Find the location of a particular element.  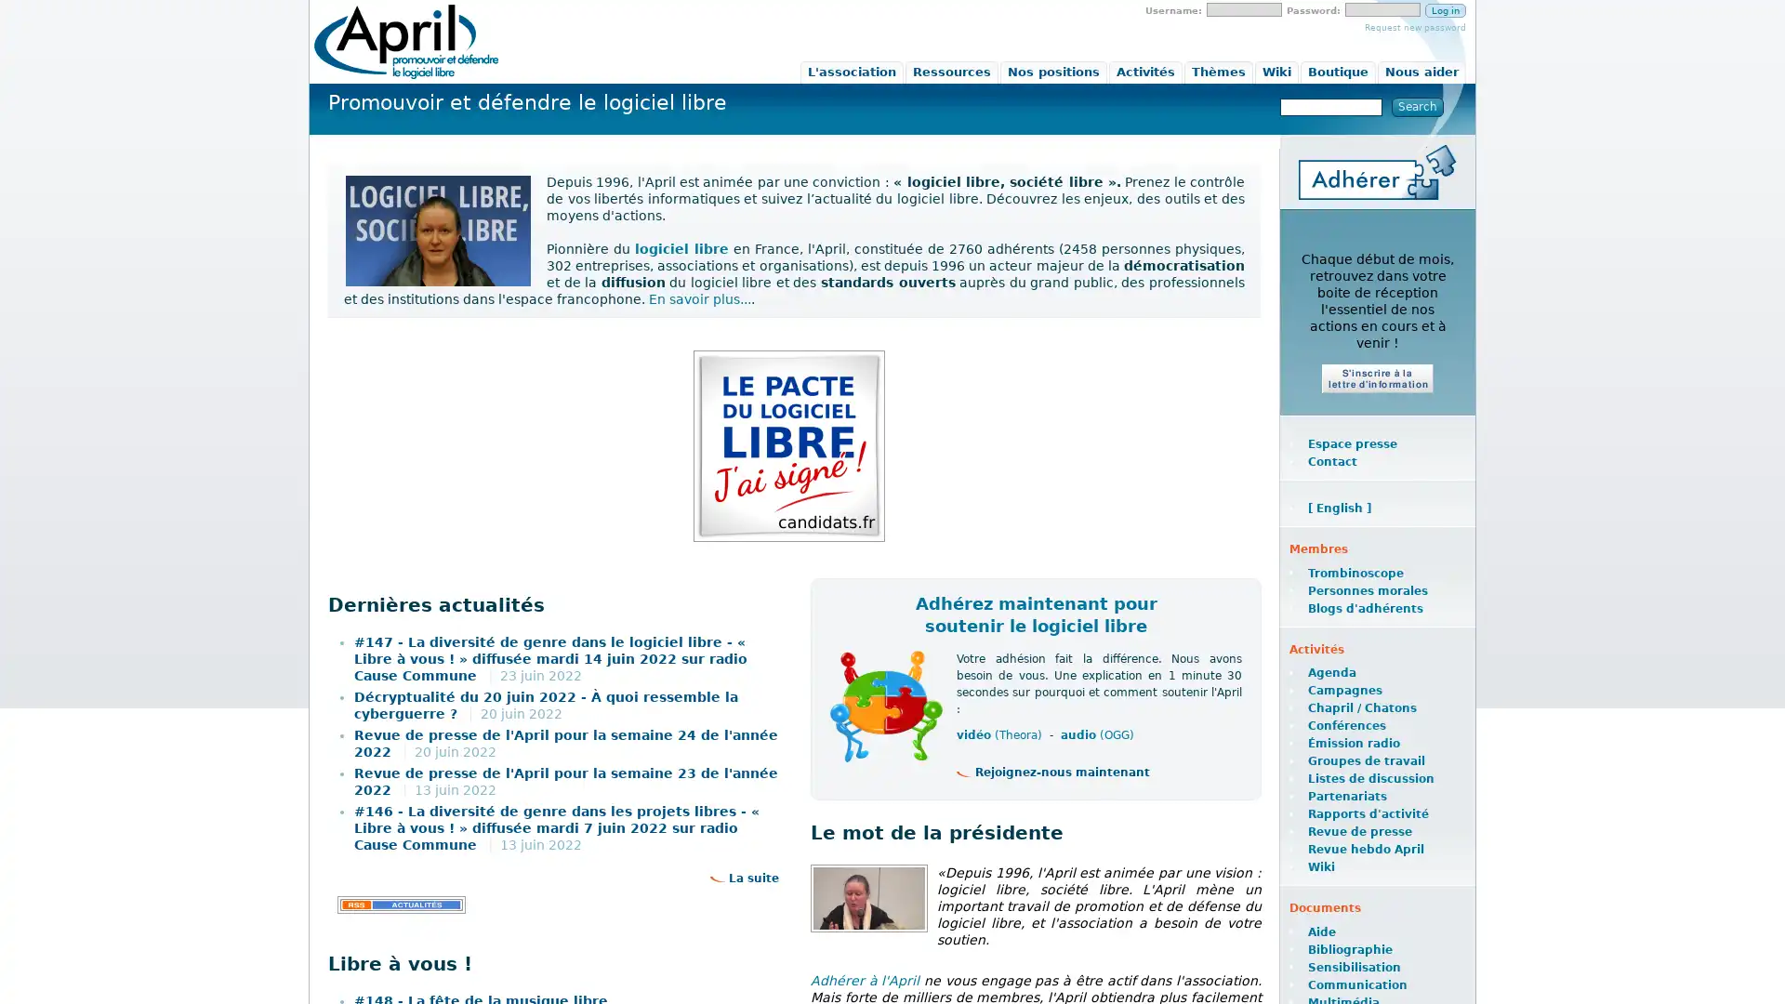

Log in is located at coordinates (1445, 10).